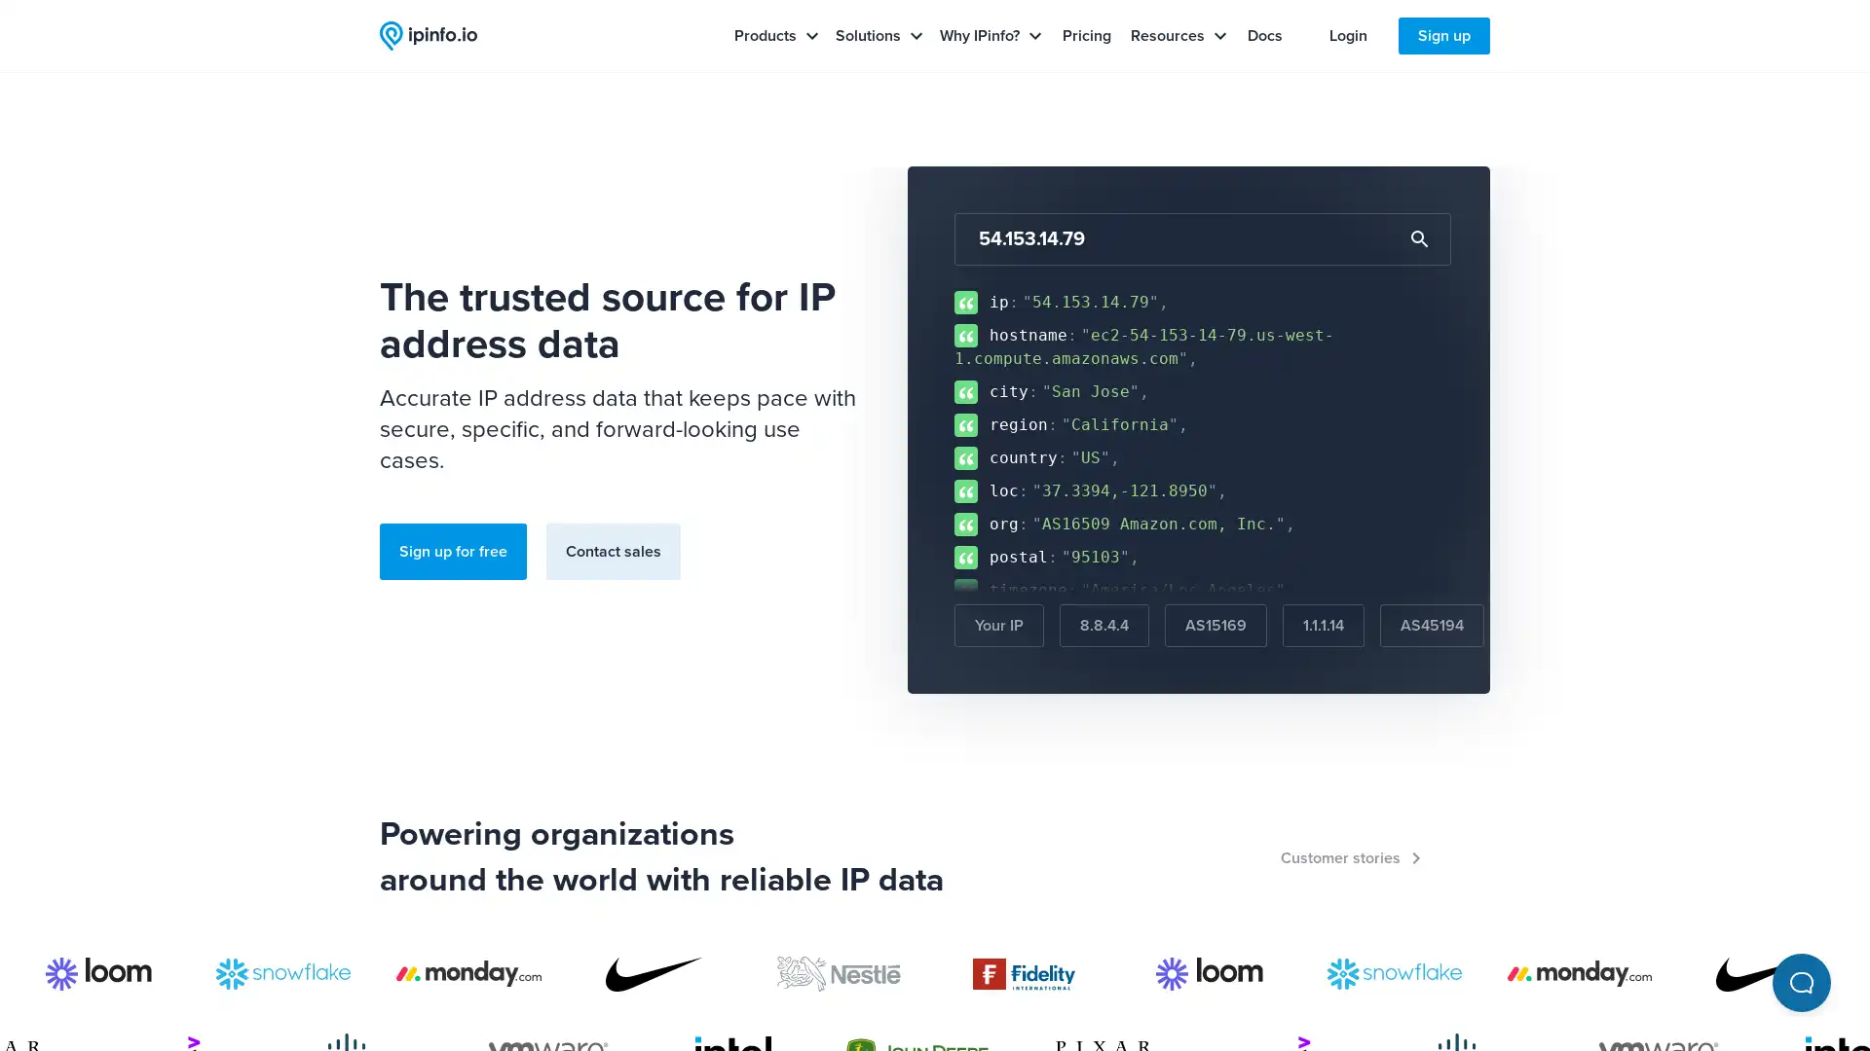 The image size is (1870, 1051). What do you see at coordinates (1215, 626) in the screenshot?
I see `AS15169` at bounding box center [1215, 626].